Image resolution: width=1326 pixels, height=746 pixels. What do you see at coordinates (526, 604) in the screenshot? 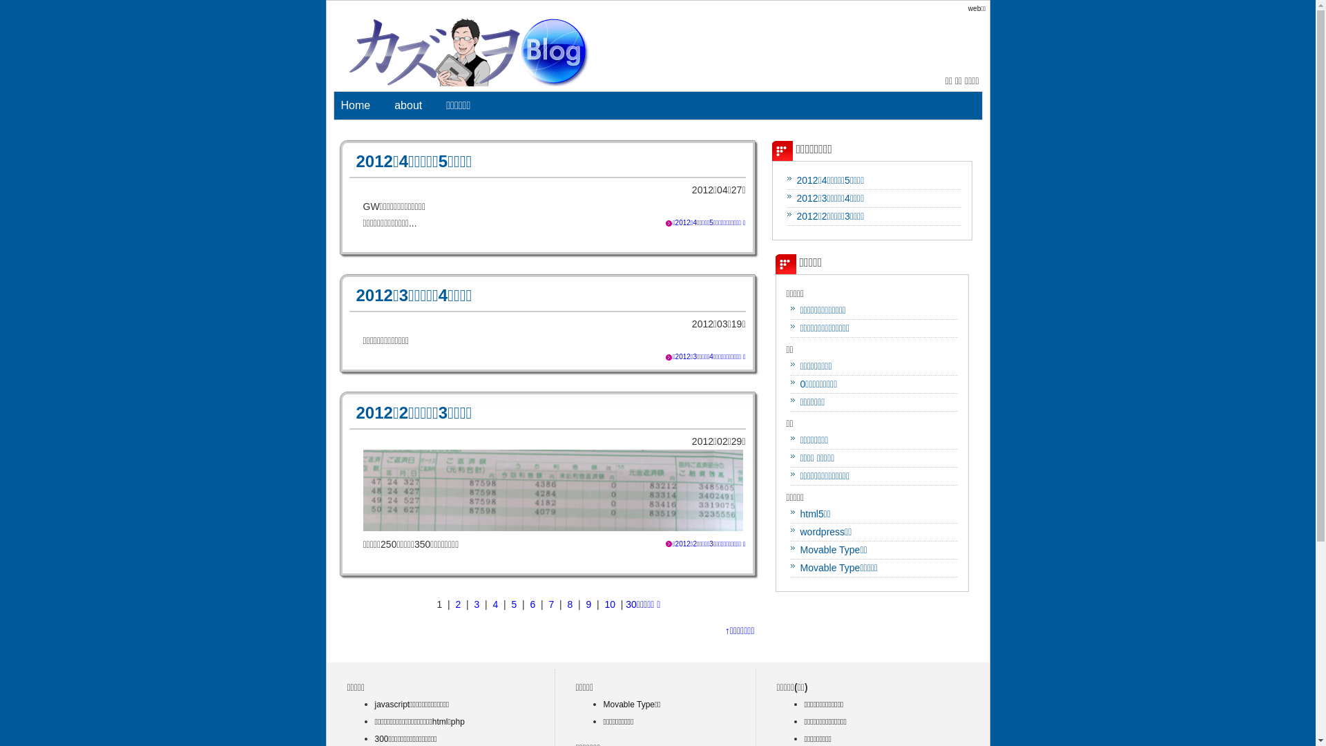
I see `' 6 '` at bounding box center [526, 604].